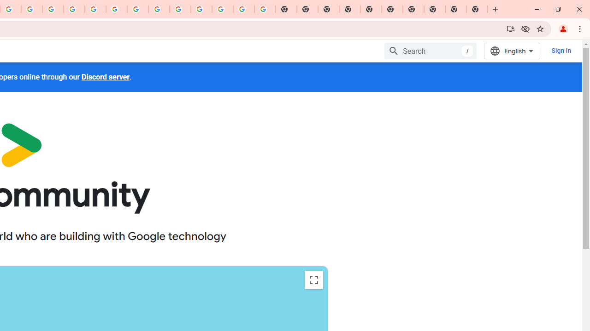 The image size is (590, 331). Describe the element at coordinates (495, 9) in the screenshot. I see `'New Tab'` at that location.